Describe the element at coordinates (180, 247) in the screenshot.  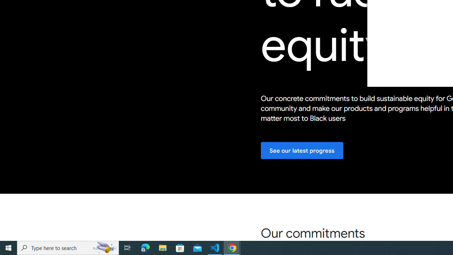
I see `'Microsoft Store'` at that location.